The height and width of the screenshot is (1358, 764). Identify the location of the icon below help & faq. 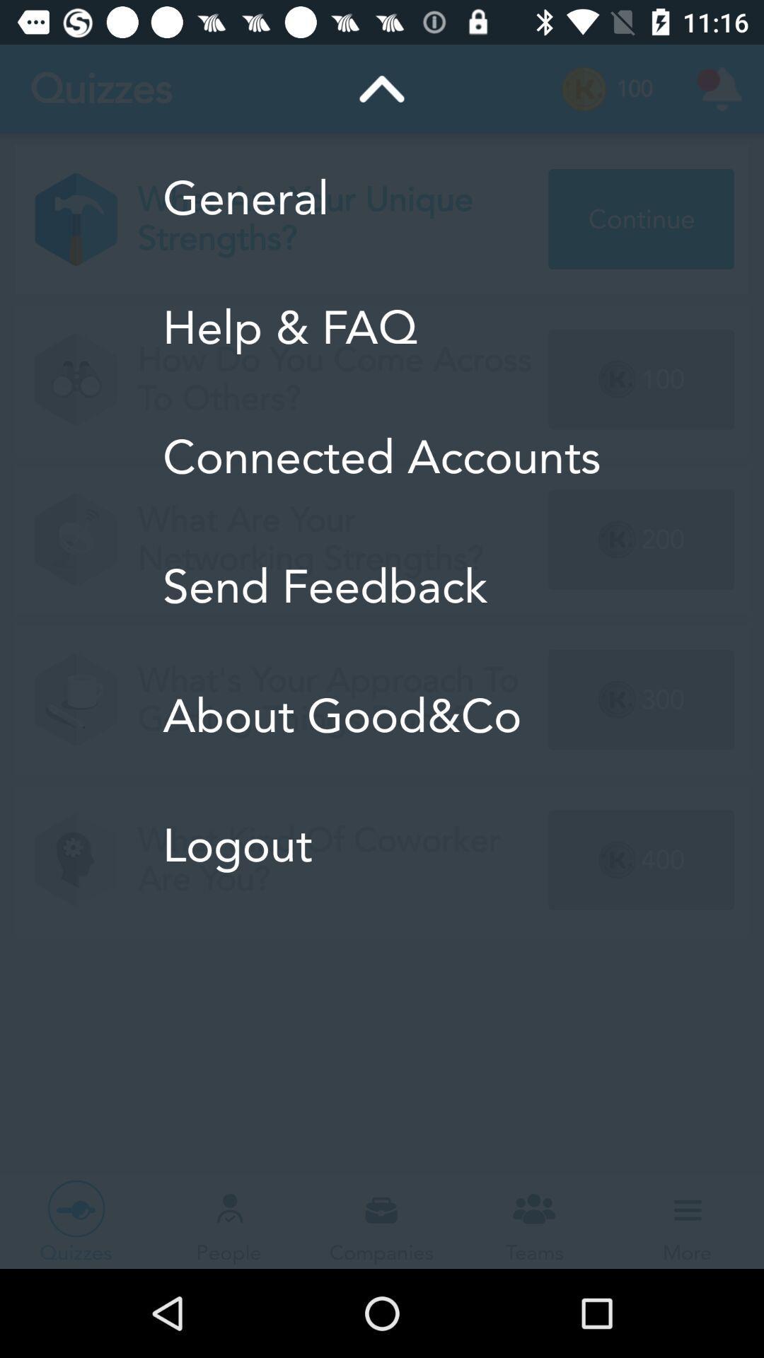
(381, 457).